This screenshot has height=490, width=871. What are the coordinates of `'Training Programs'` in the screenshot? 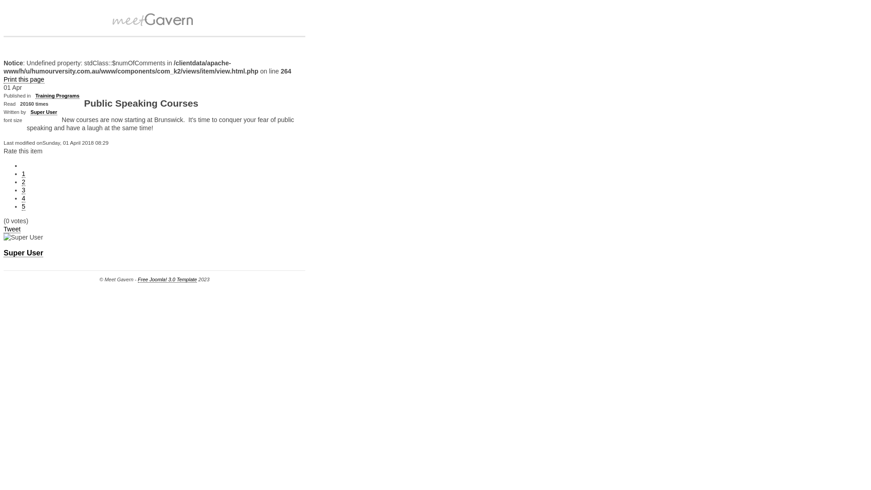 It's located at (57, 96).